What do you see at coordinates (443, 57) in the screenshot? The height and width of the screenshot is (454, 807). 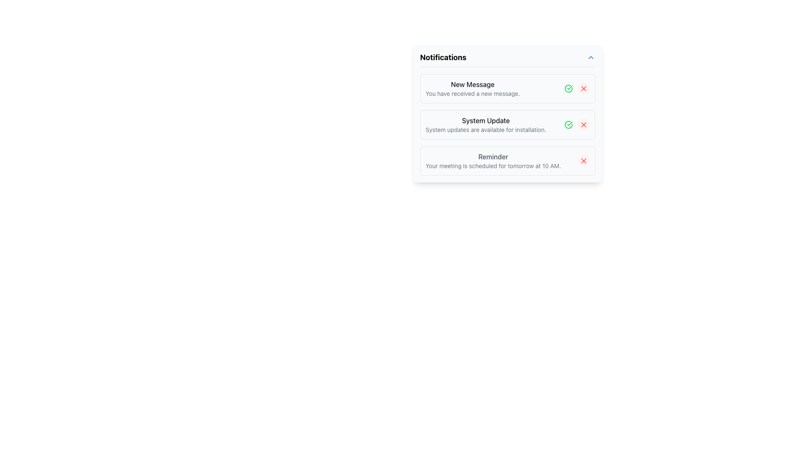 I see `the prominently displayed static text label reading 'Notifications' located at the top-left of the notification panel` at bounding box center [443, 57].